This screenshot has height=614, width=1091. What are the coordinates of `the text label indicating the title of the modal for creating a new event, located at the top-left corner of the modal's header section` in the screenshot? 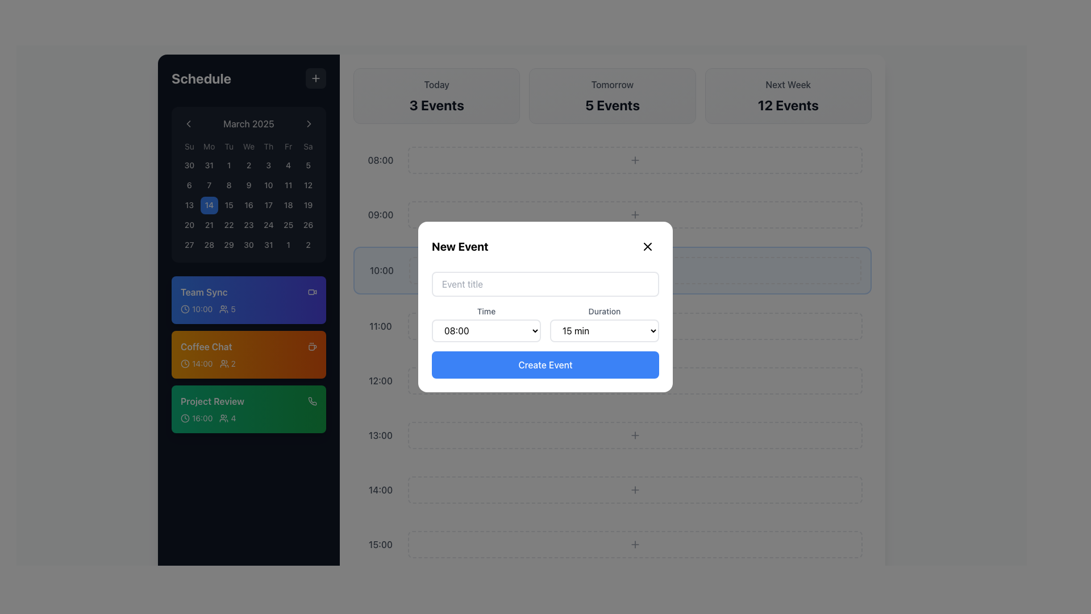 It's located at (460, 246).